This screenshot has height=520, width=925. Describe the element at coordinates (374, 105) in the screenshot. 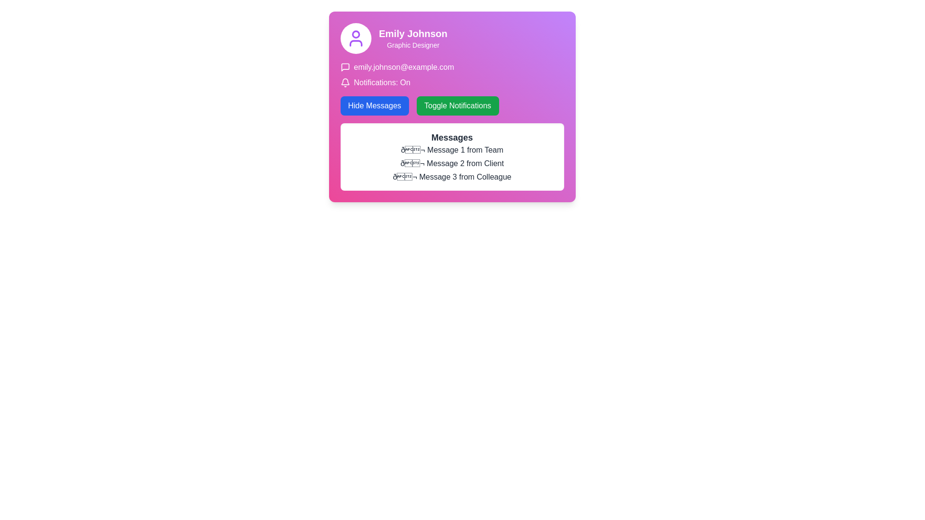

I see `the 'Hide Messages' button` at that location.